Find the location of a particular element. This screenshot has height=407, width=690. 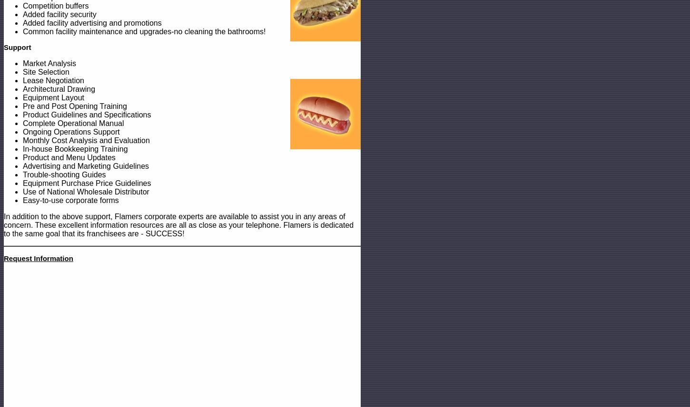

'In-house Bookkeeping Training' is located at coordinates (75, 149).